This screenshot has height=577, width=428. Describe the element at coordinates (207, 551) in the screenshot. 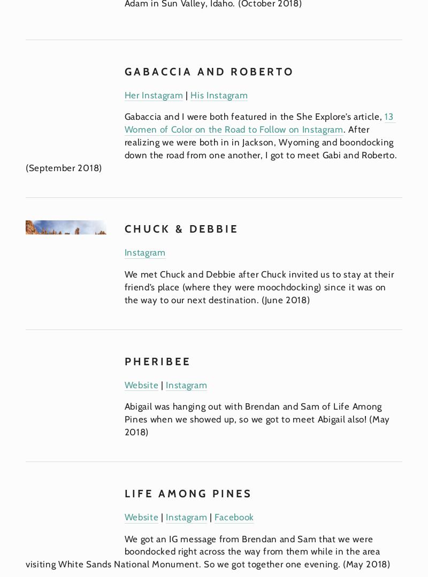

I see `'We got an IG message from Brendan and Sam that we were boondocked right across the way from them while in the area visiting White Sands National Monument. So we got together one evening. (May 2018)'` at that location.